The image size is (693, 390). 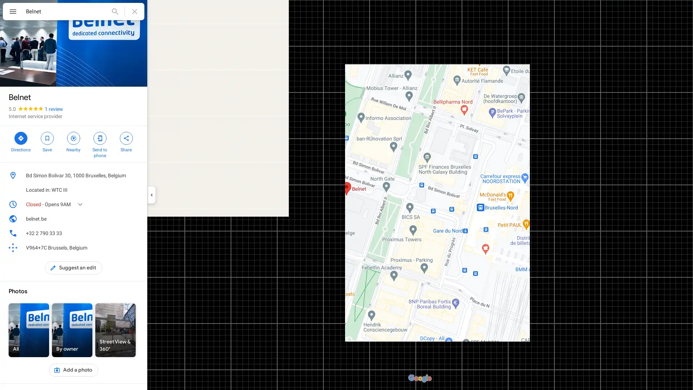 What do you see at coordinates (135, 218) in the screenshot?
I see `Copy website` at bounding box center [135, 218].